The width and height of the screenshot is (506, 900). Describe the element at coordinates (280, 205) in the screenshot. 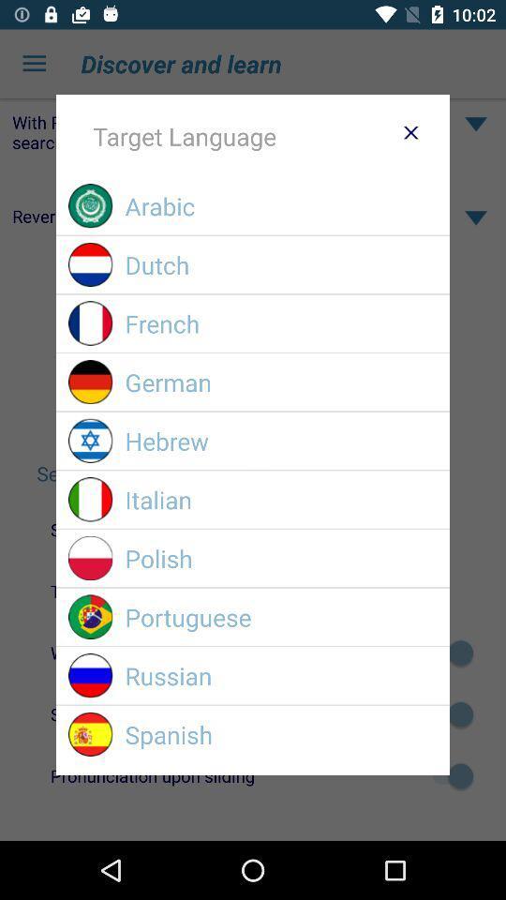

I see `item above the dutch icon` at that location.